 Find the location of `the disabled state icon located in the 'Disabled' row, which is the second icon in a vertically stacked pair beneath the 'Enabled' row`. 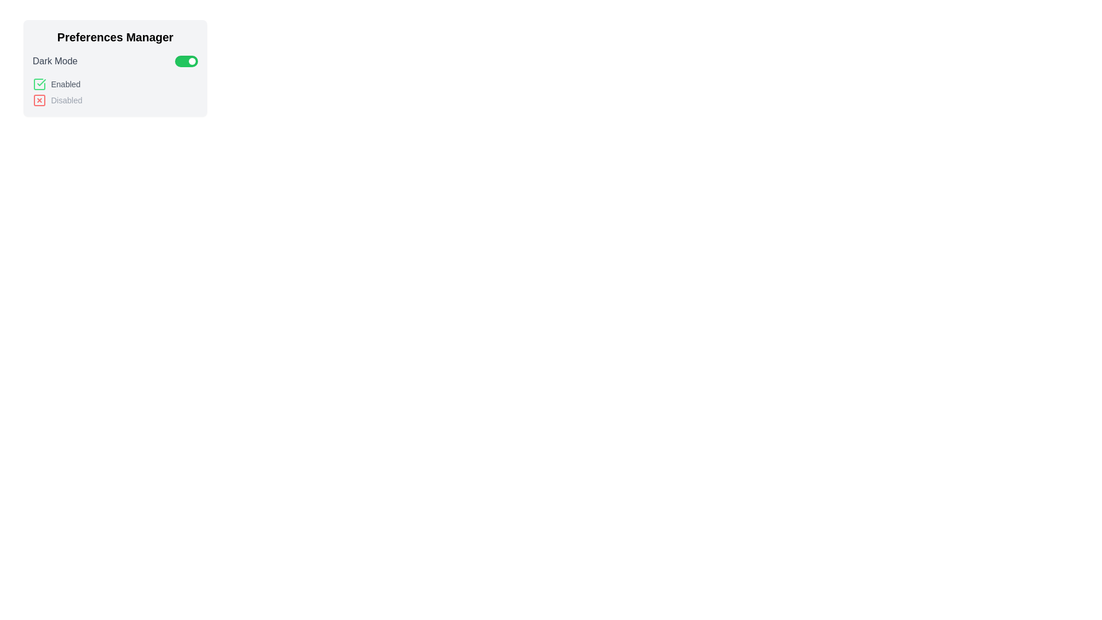

the disabled state icon located in the 'Disabled' row, which is the second icon in a vertically stacked pair beneath the 'Enabled' row is located at coordinates (39, 99).